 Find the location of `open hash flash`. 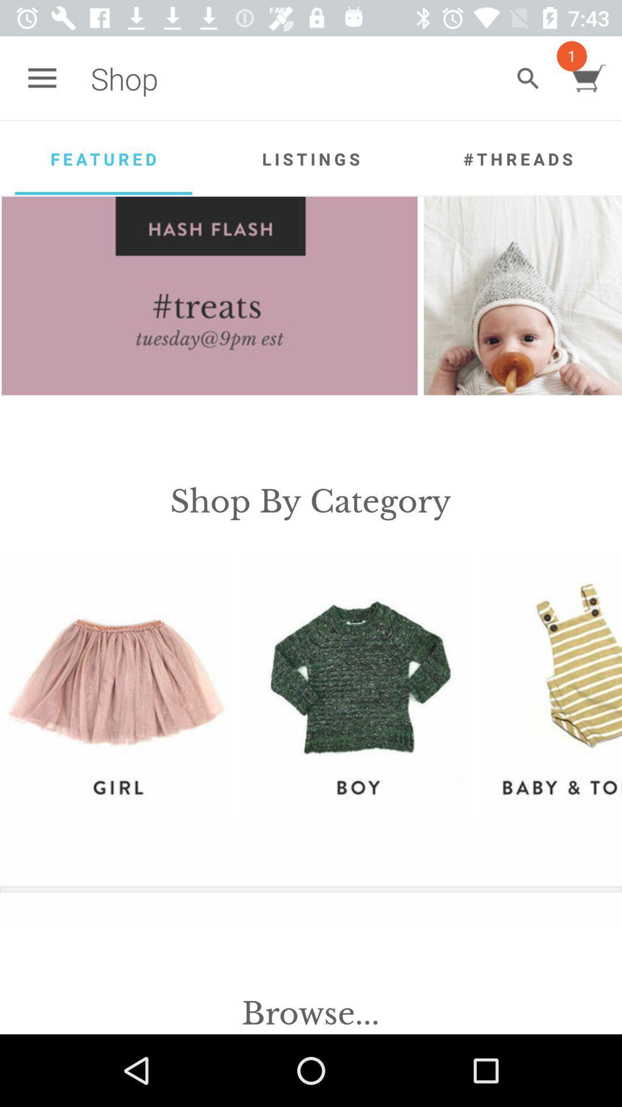

open hash flash is located at coordinates (210, 296).